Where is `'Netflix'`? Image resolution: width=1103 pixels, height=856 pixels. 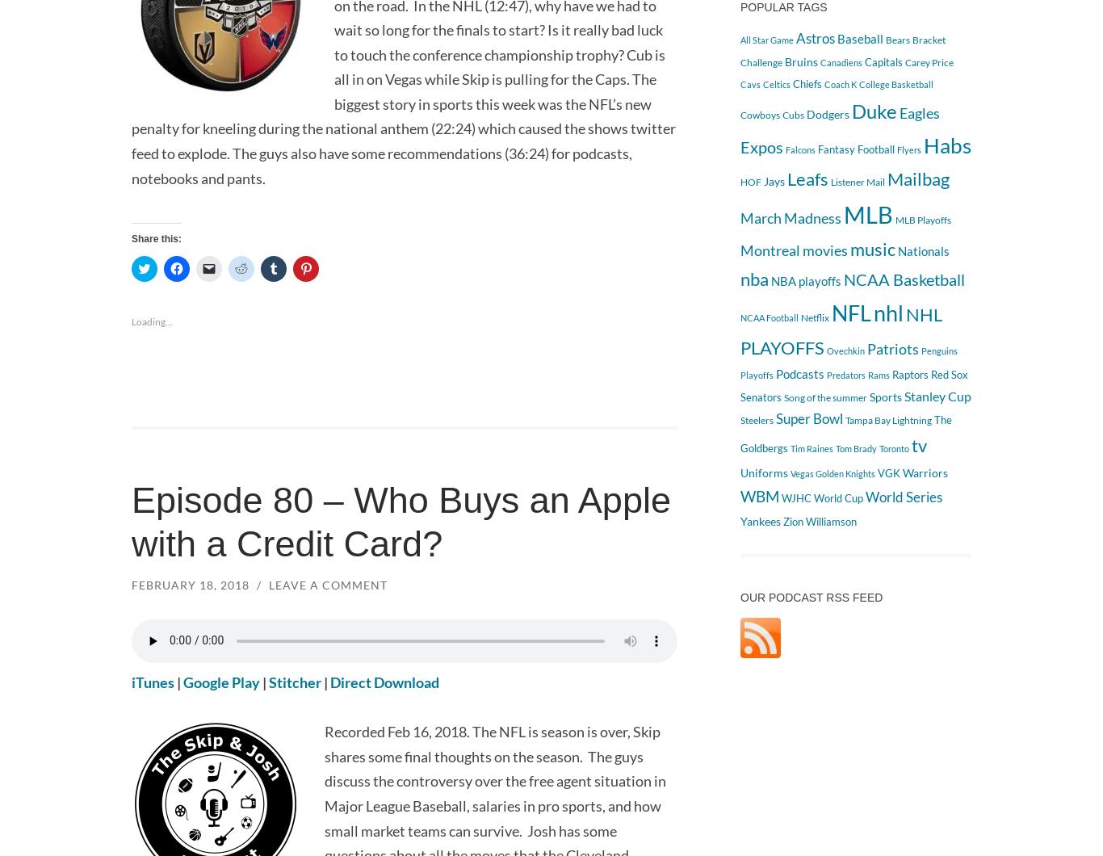 'Netflix' is located at coordinates (815, 317).